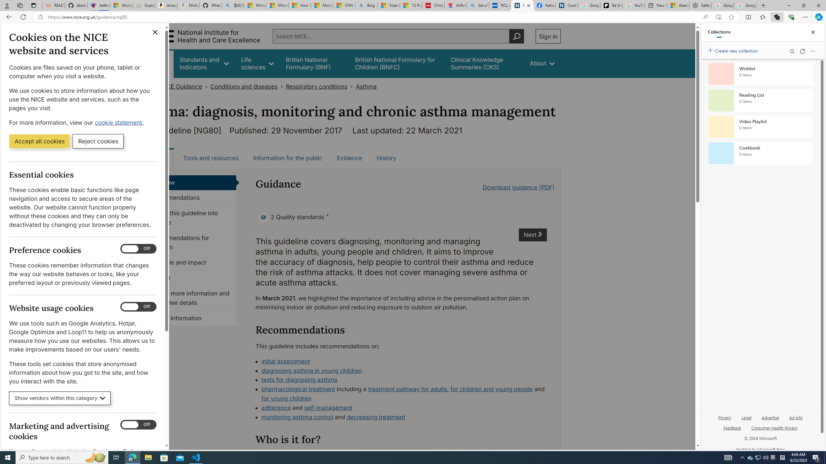 The width and height of the screenshot is (826, 464). Describe the element at coordinates (248, 86) in the screenshot. I see `'Conditions and diseases>'` at that location.